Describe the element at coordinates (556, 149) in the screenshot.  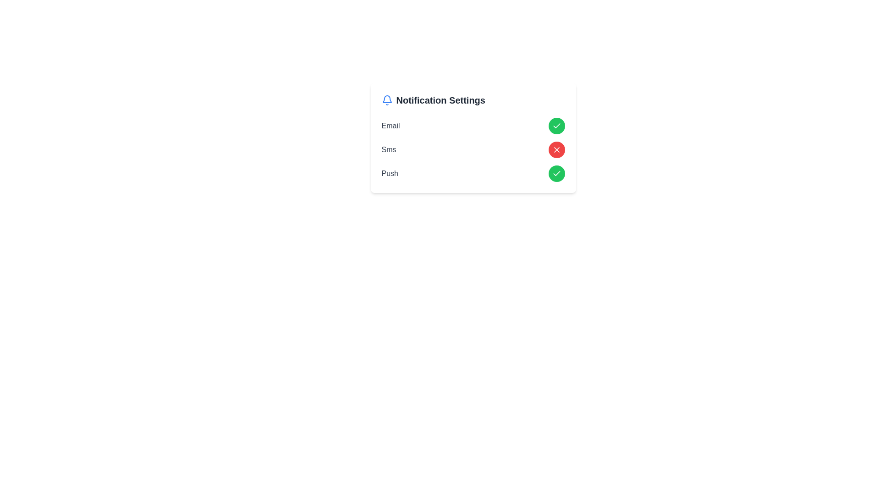
I see `the second button in the notification settings row that disables or marks off the 'Sms' notification option for more information` at that location.